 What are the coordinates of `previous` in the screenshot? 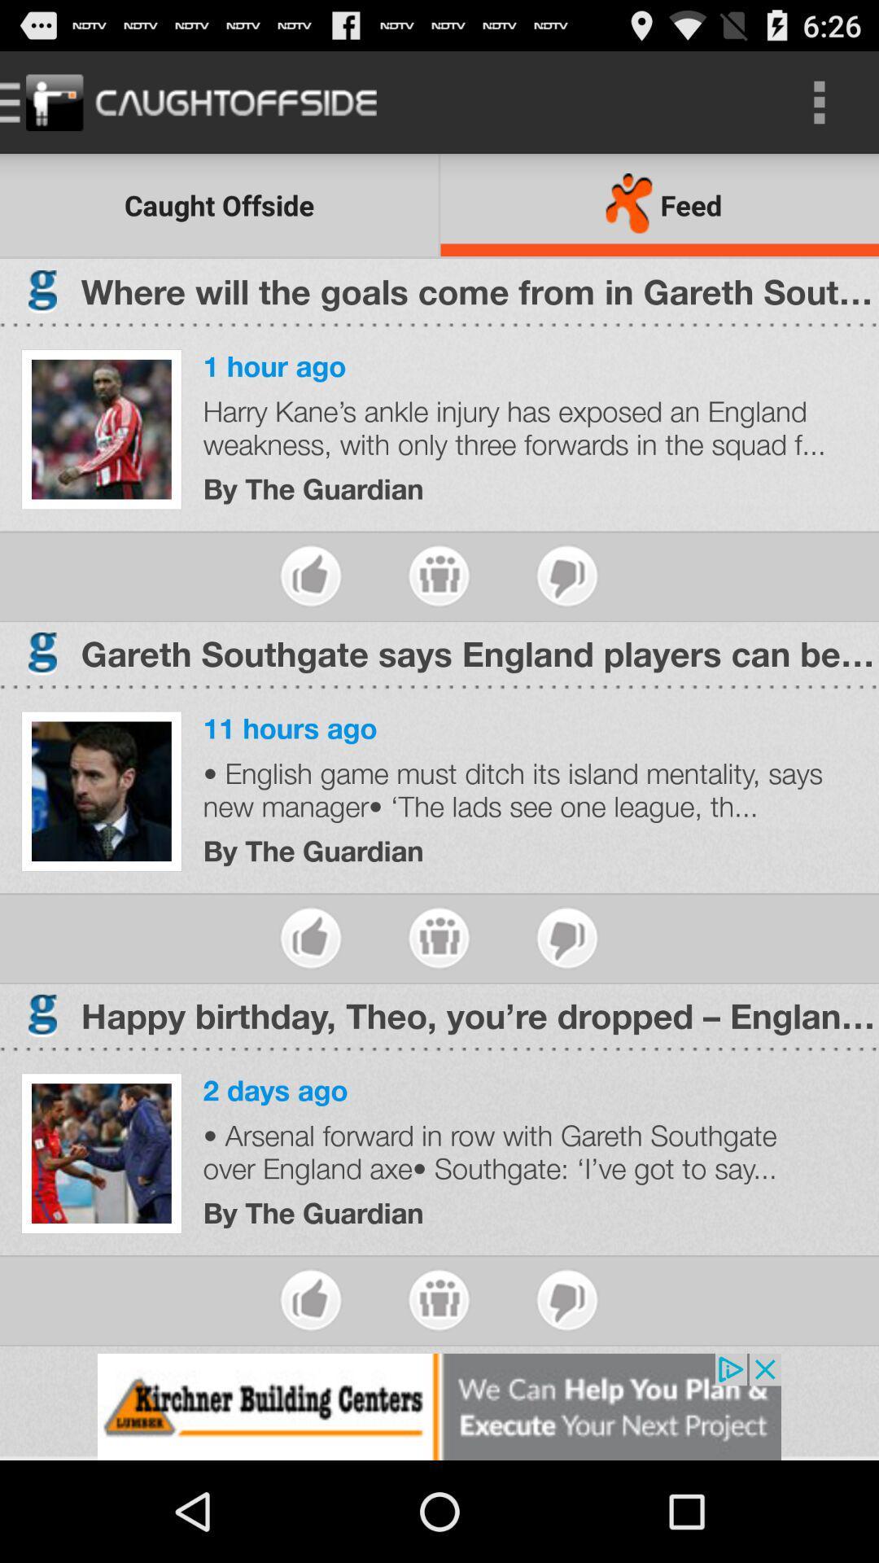 It's located at (438, 1299).